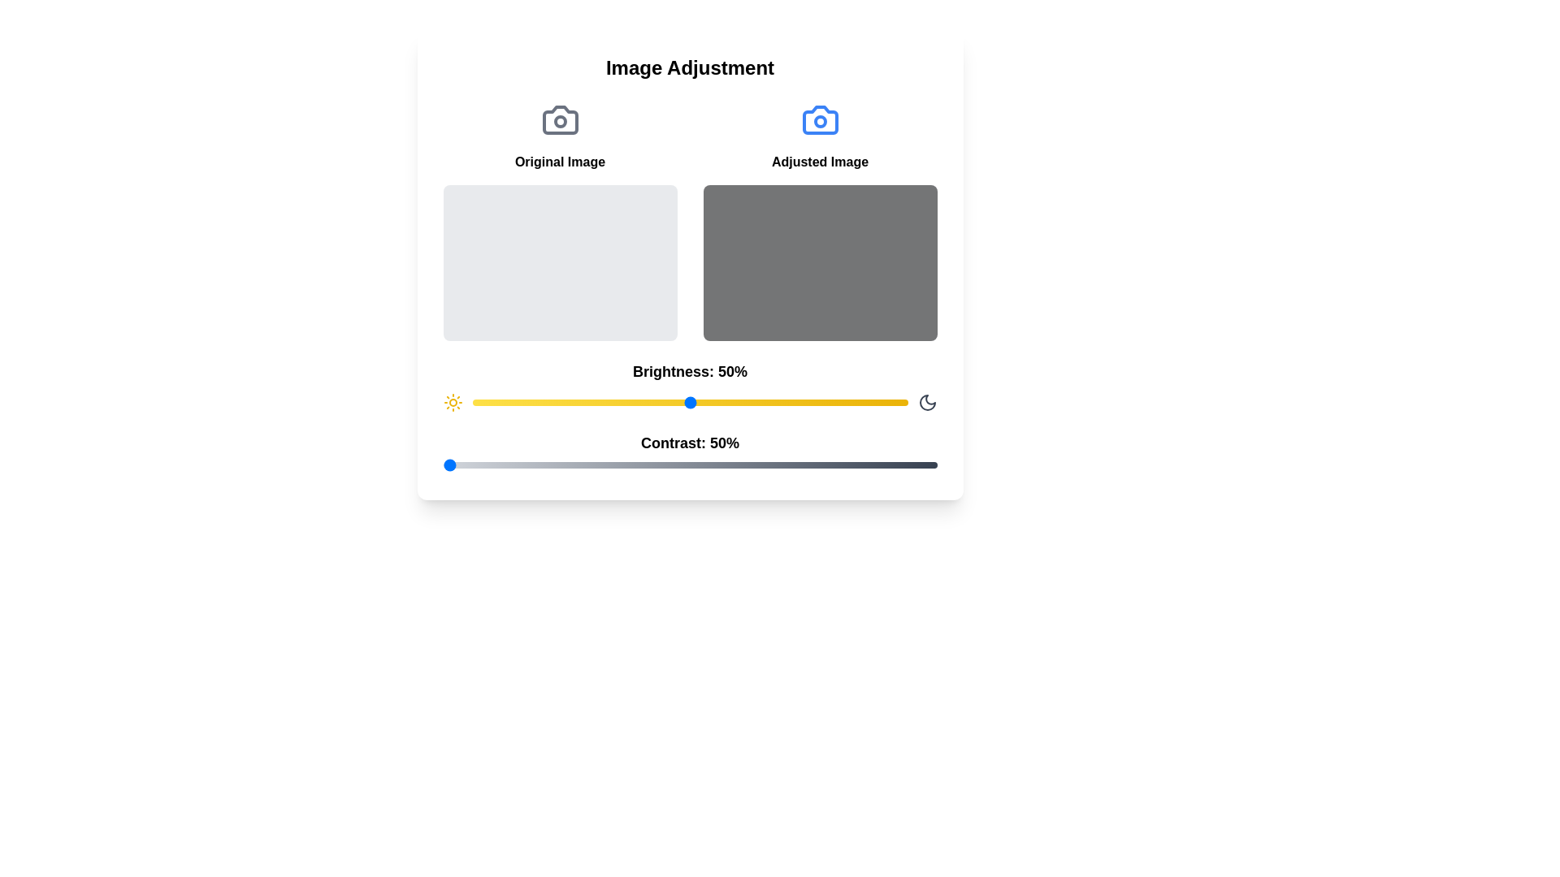 The height and width of the screenshot is (877, 1560). What do you see at coordinates (729, 465) in the screenshot?
I see `the contrast` at bounding box center [729, 465].